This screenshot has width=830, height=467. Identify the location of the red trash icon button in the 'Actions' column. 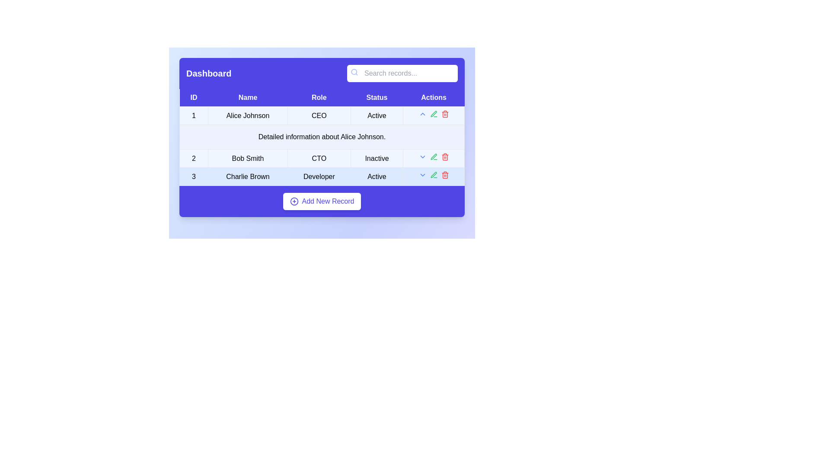
(445, 157).